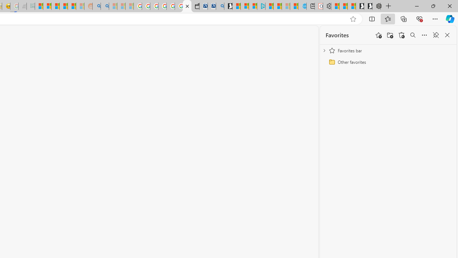 Image resolution: width=458 pixels, height=258 pixels. Describe the element at coordinates (211, 6) in the screenshot. I see `'Cheap Car Rentals - Save70.com'` at that location.